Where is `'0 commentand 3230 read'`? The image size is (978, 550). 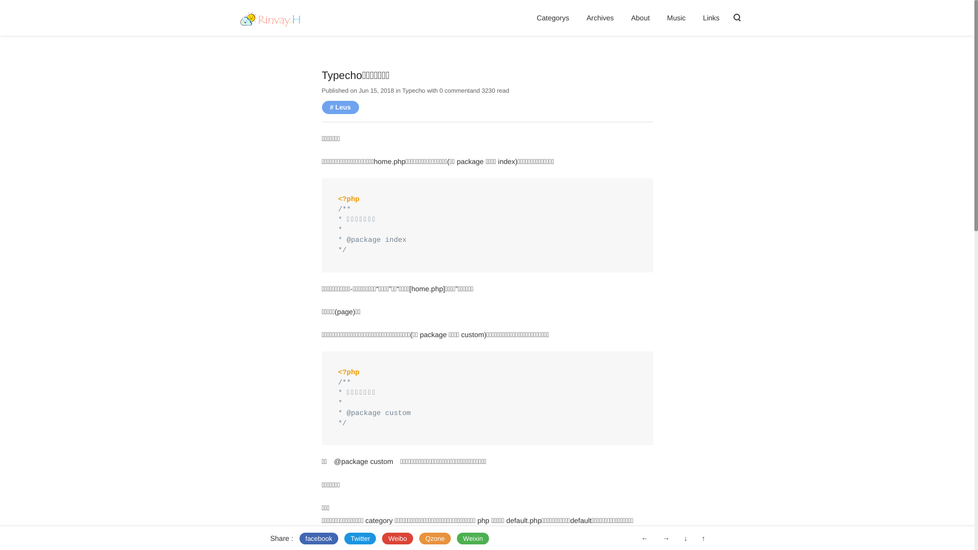 '0 commentand 3230 read' is located at coordinates (474, 90).